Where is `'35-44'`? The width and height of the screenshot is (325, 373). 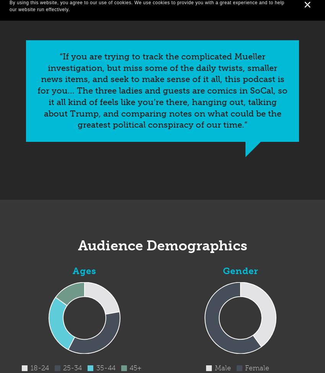 '35-44' is located at coordinates (105, 367).